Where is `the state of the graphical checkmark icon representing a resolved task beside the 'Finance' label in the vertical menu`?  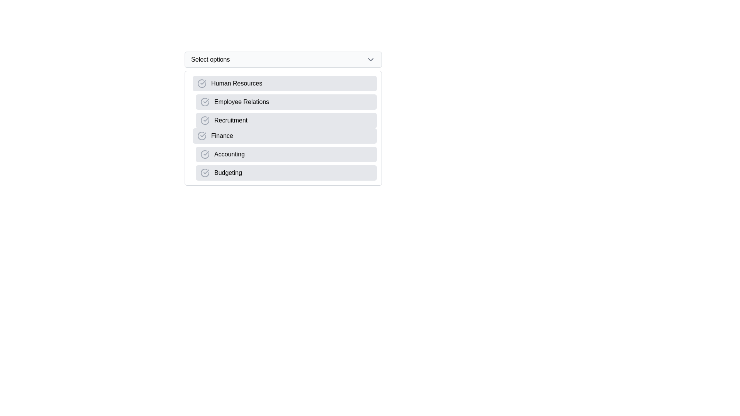 the state of the graphical checkmark icon representing a resolved task beside the 'Finance' label in the vertical menu is located at coordinates (203, 134).